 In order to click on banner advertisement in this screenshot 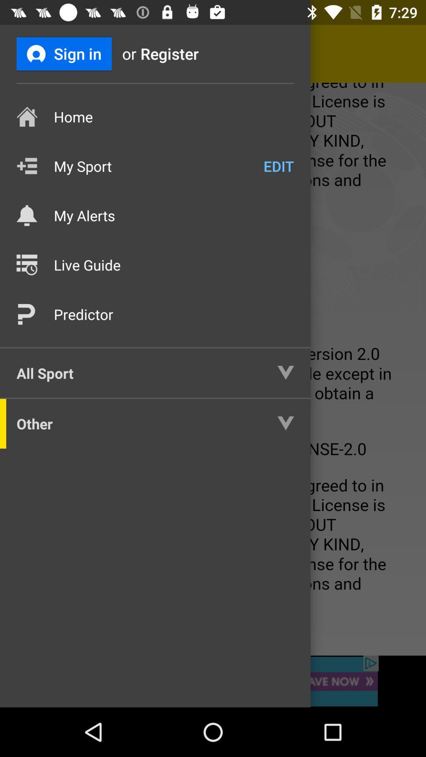, I will do `click(213, 681)`.